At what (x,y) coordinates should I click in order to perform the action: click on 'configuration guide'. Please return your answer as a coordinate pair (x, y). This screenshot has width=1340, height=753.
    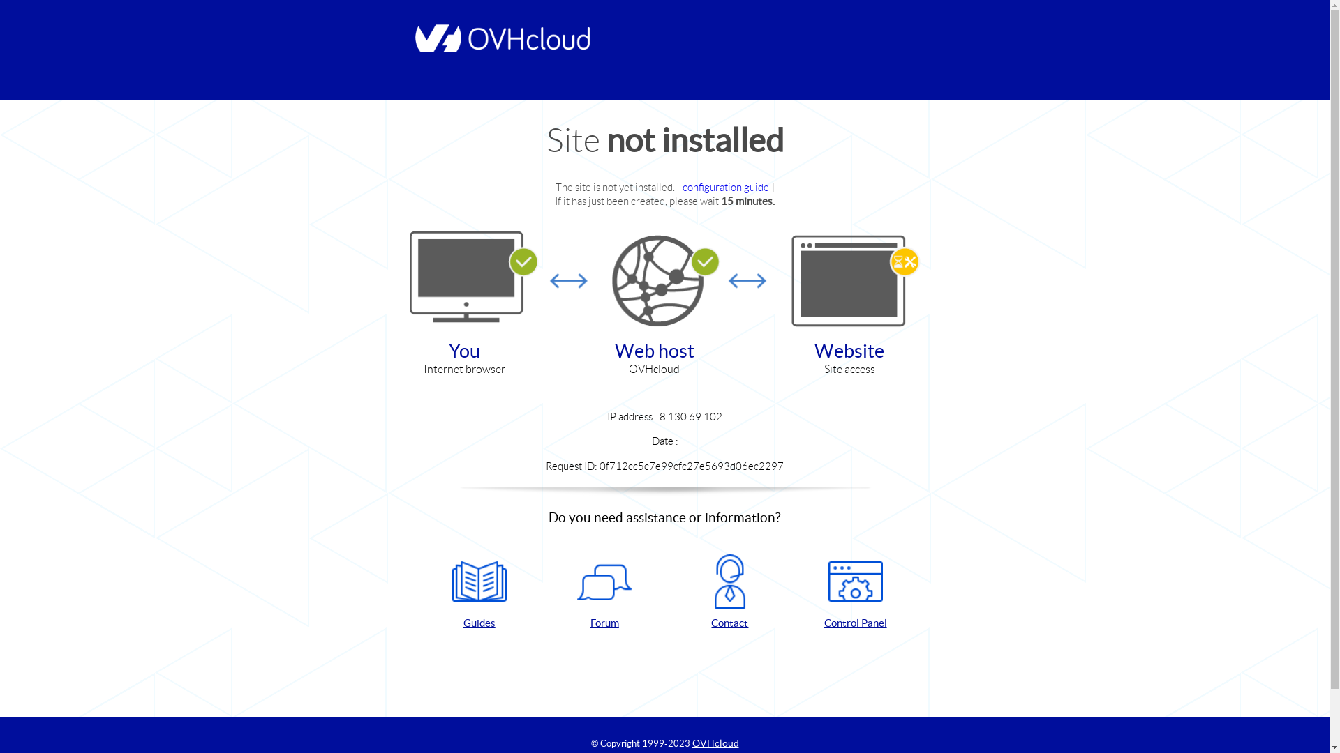
    Looking at the image, I should click on (726, 186).